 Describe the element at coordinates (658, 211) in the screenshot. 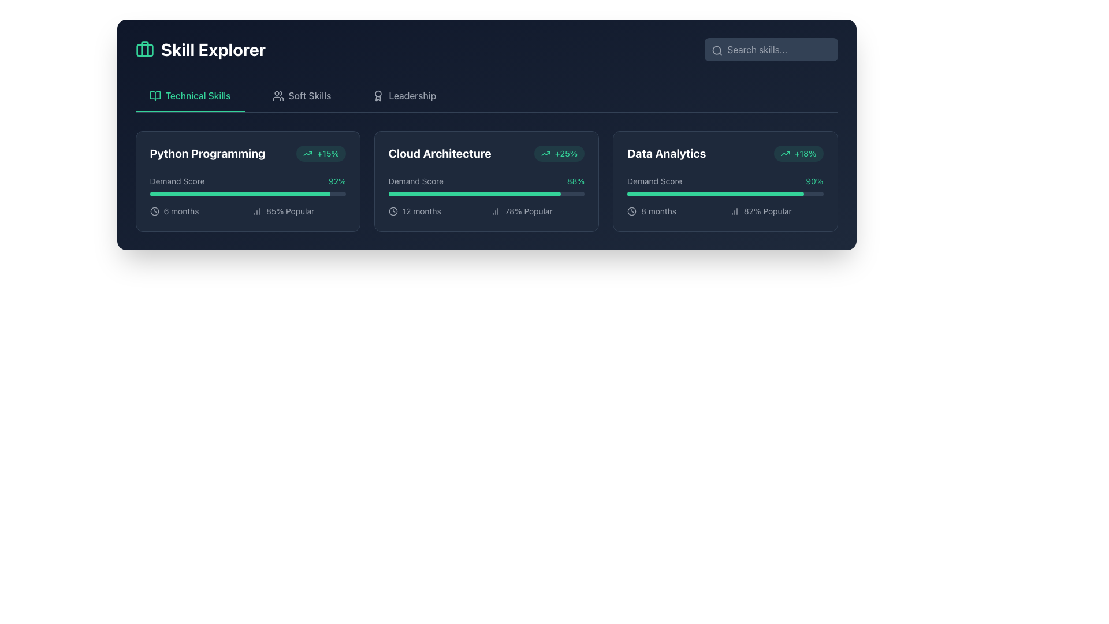

I see `text content of the Text label displaying the duration associated with the 'Data Analytics' item, located at the bottom-left corner of the 'Data Analytics' section, adjacent to a clock icon` at that location.